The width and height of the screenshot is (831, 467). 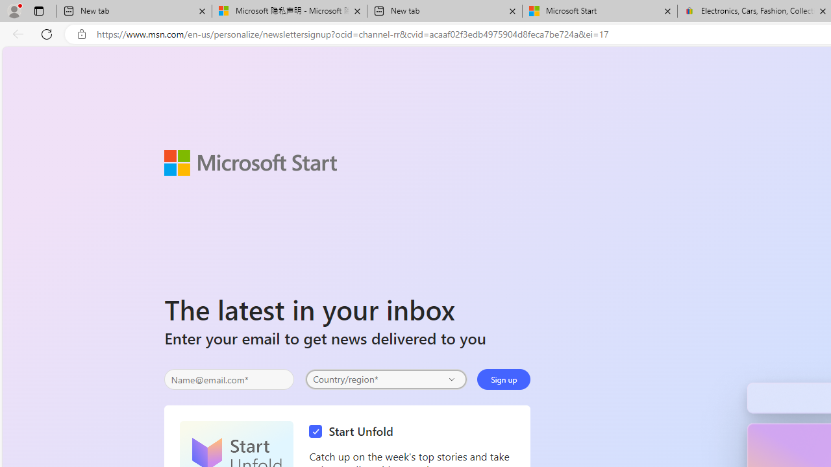 I want to click on 'Enter your email', so click(x=229, y=379).